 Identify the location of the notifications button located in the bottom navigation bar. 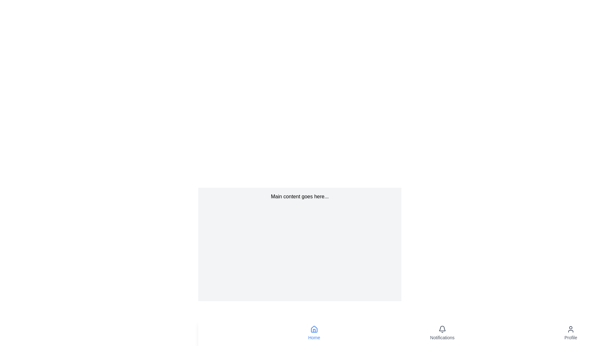
(442, 333).